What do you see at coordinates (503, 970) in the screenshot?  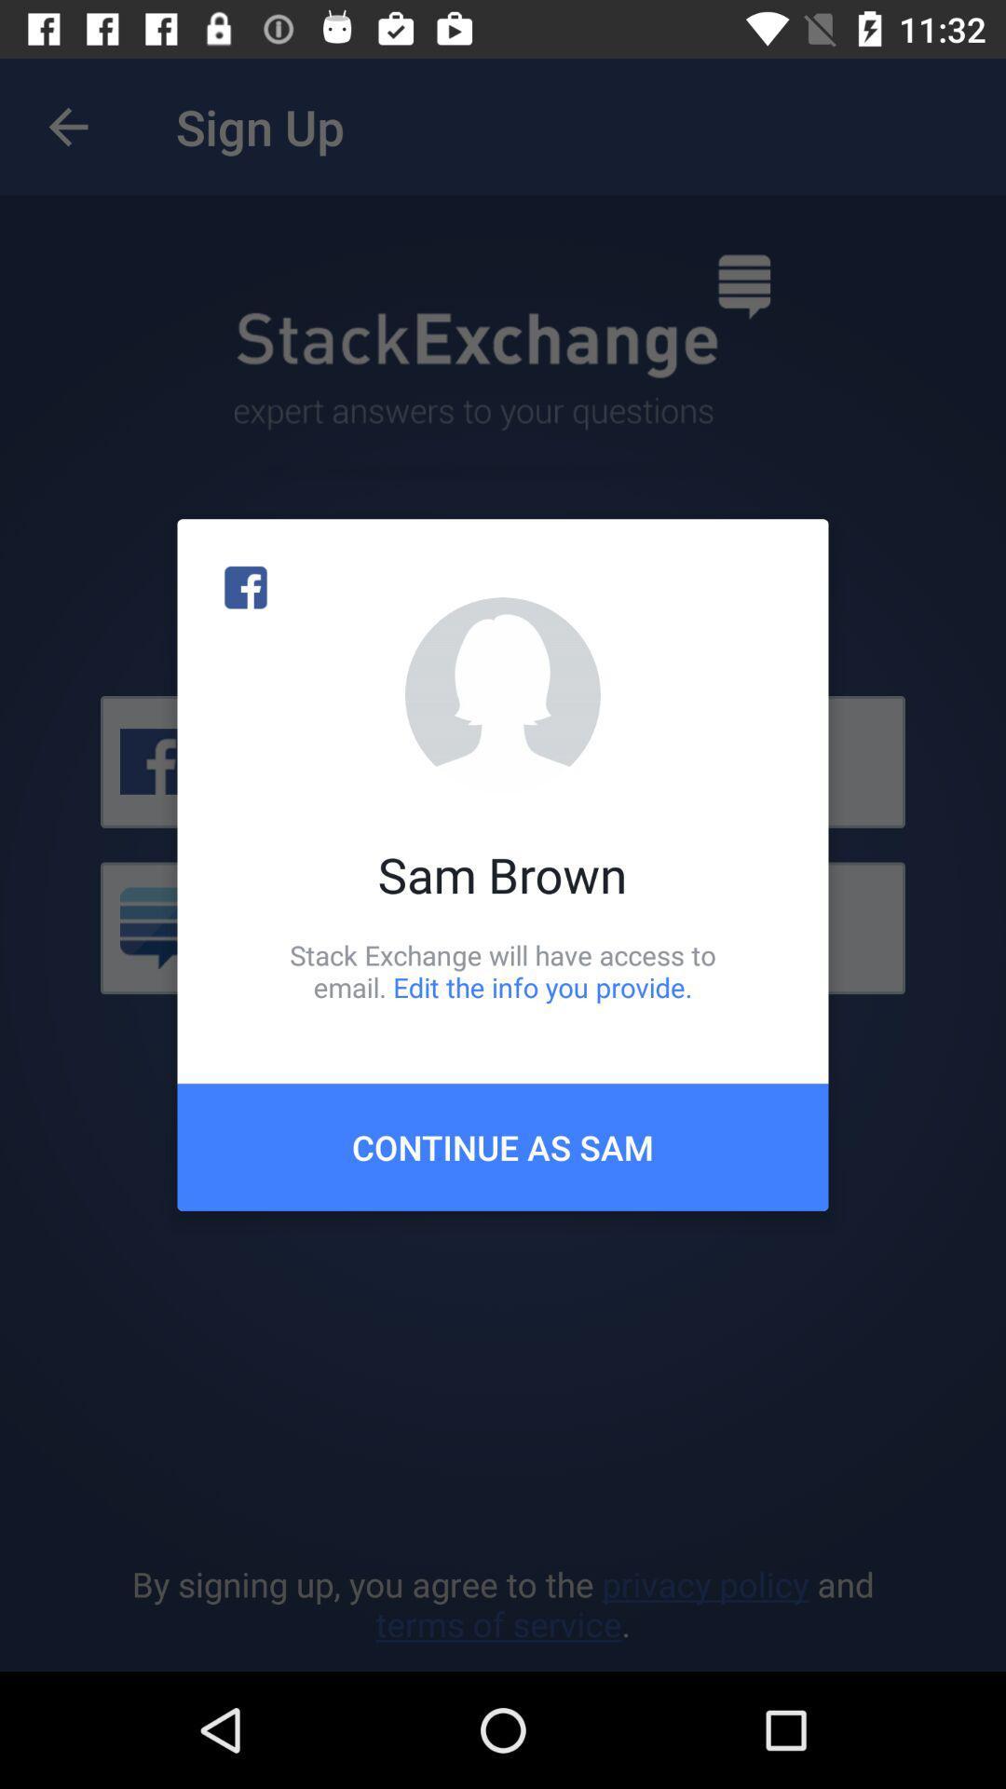 I see `the icon below sam brown item` at bounding box center [503, 970].